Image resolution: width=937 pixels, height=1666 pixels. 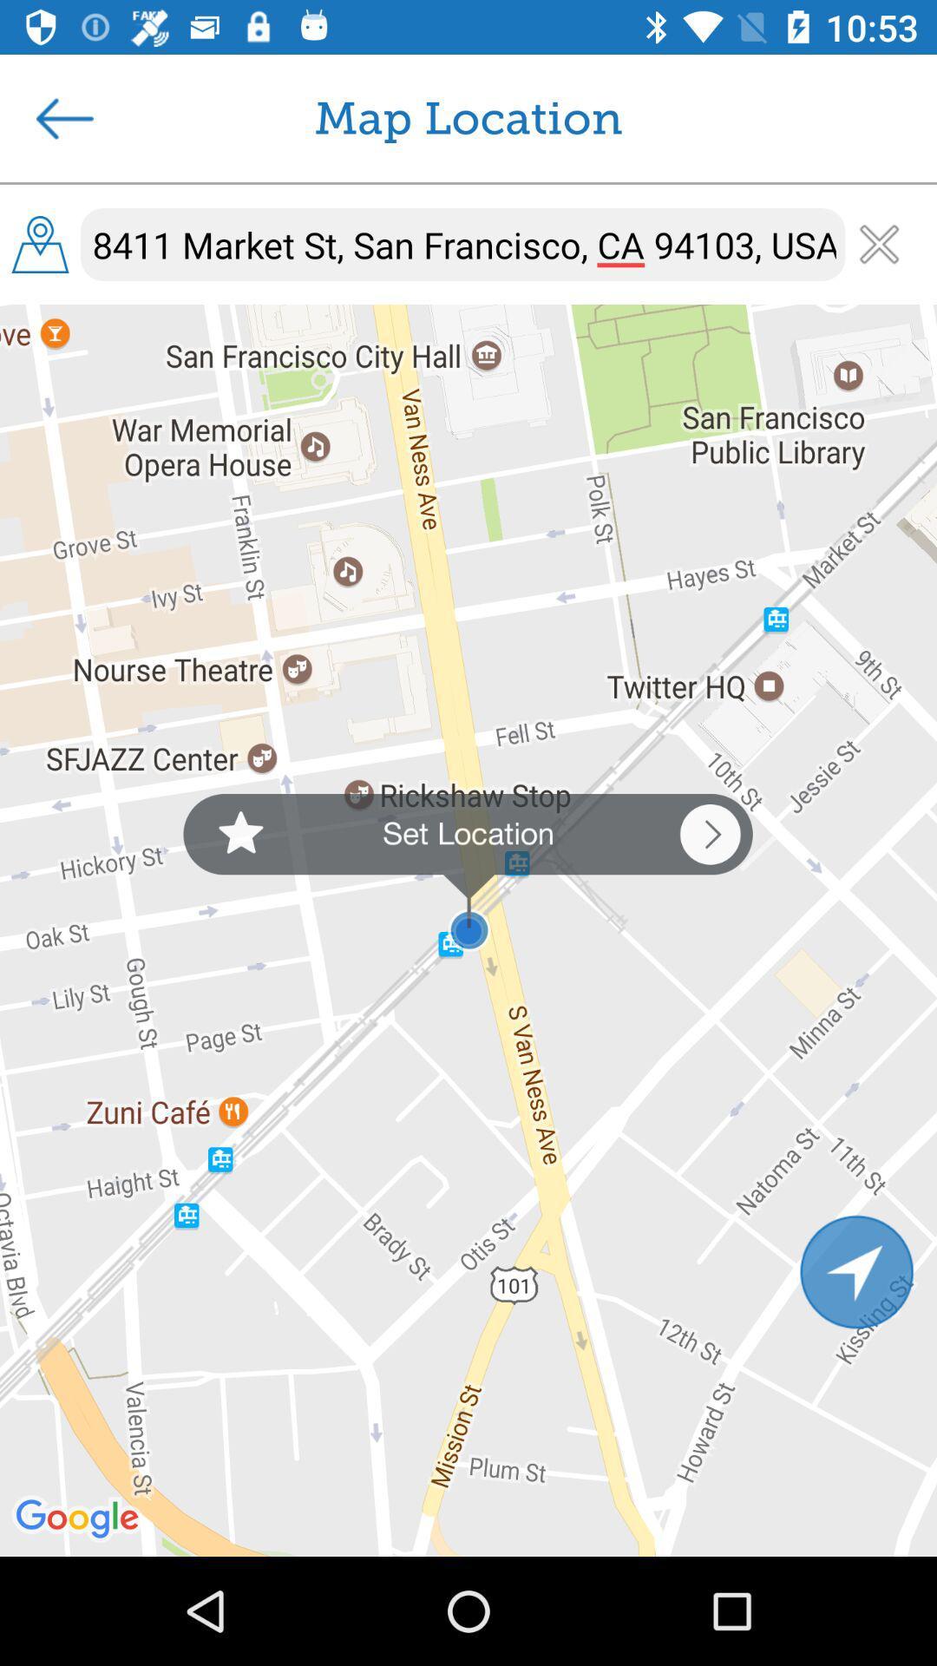 I want to click on the icon below 8411 market st, so click(x=467, y=873).